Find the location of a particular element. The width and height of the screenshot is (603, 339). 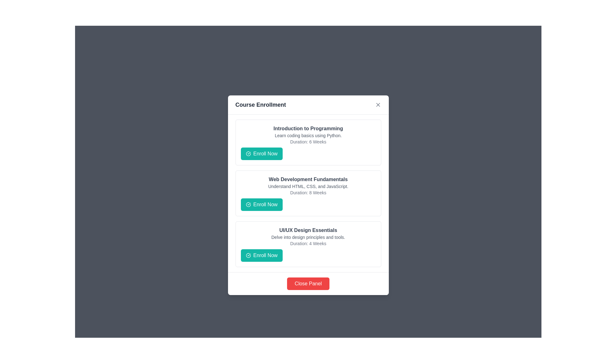

the 'Enroll Now' button with a teal blue background and white text, located in the 'Introduction to Programming' course card is located at coordinates (262, 153).